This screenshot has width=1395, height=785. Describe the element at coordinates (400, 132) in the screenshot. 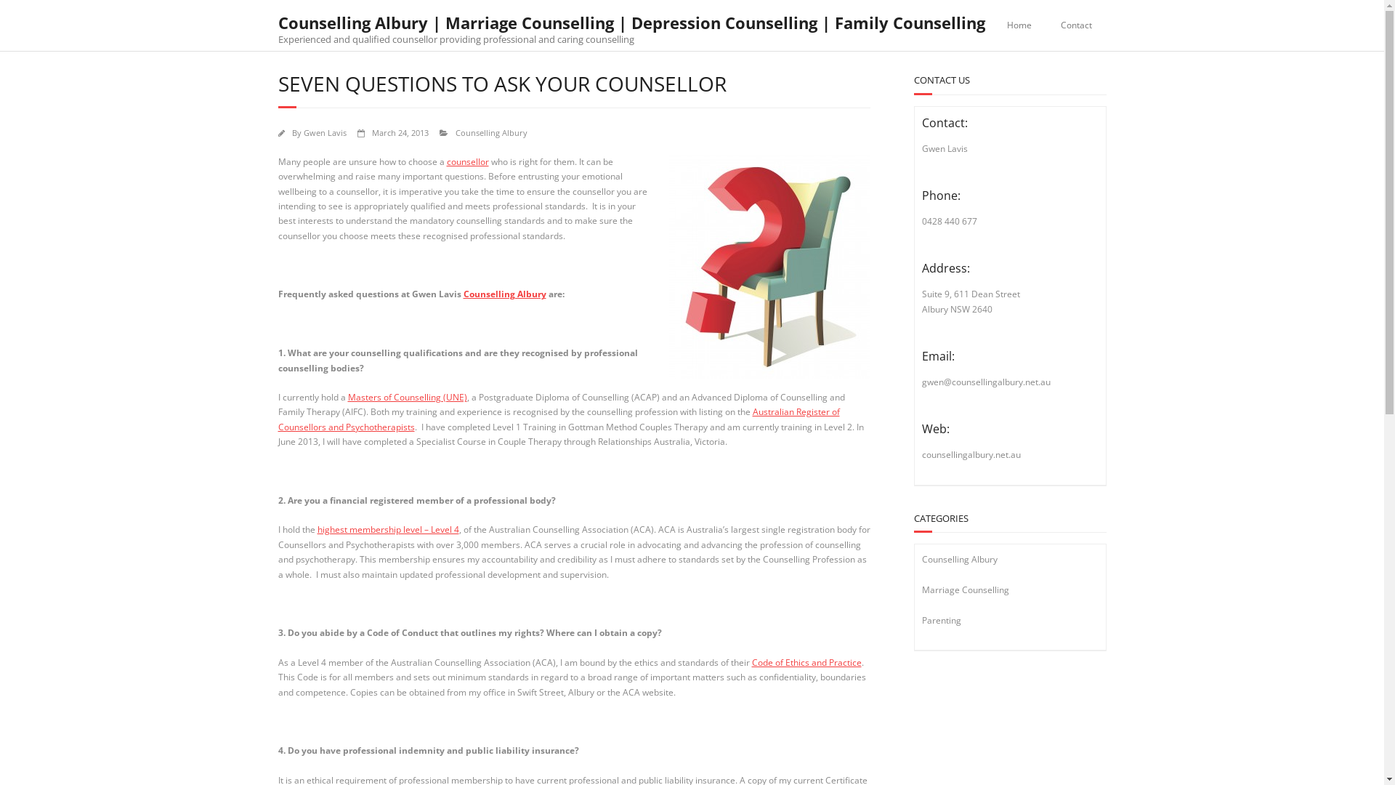

I see `'March 24, 2013'` at that location.